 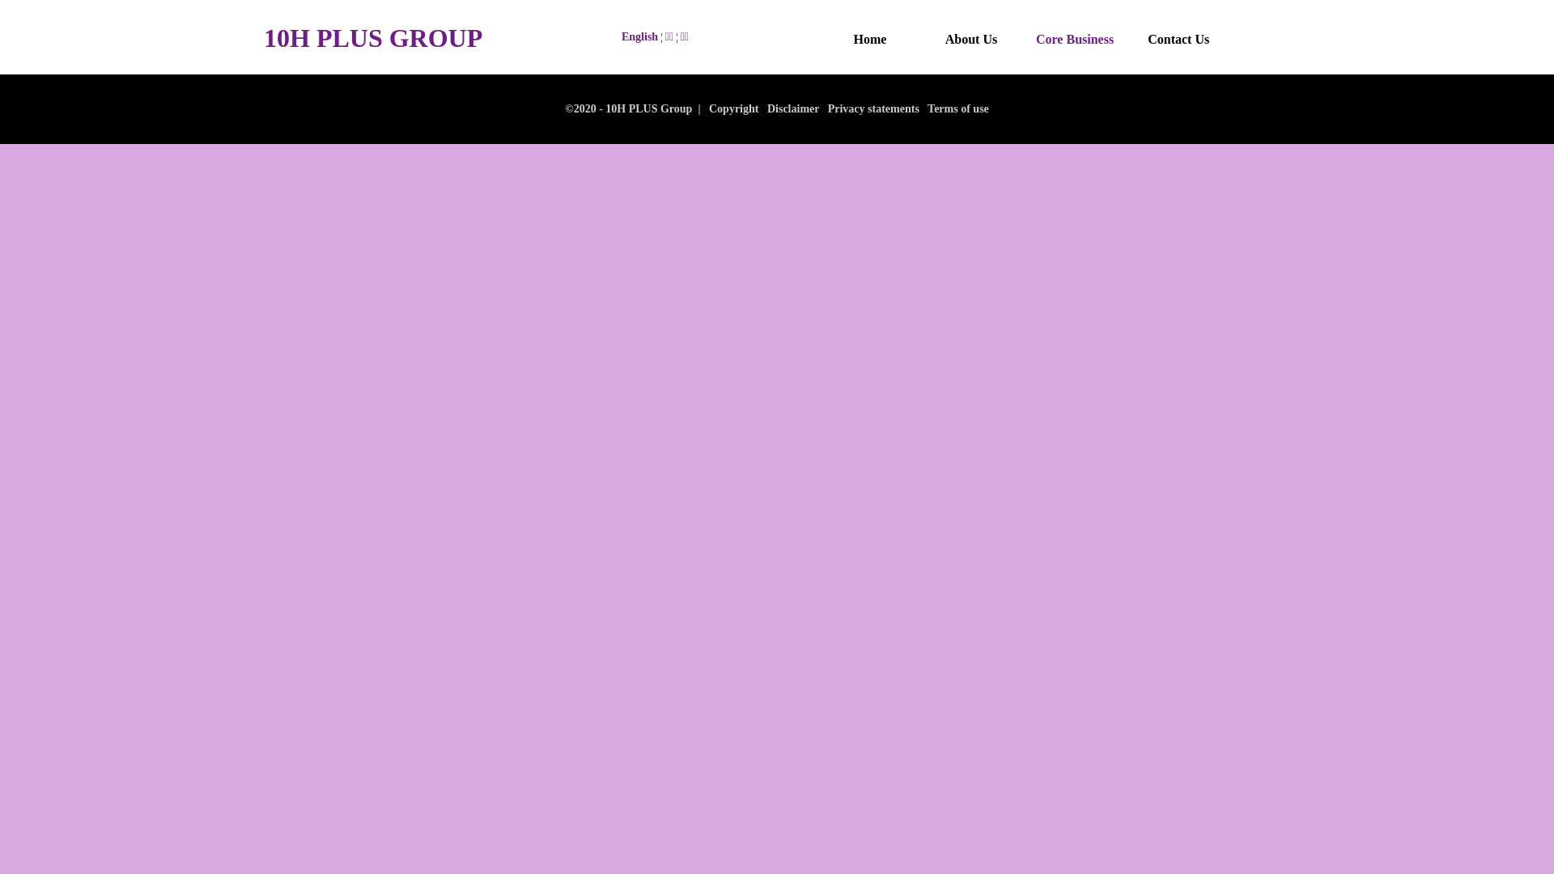 What do you see at coordinates (1178, 39) in the screenshot?
I see `'Contact Us'` at bounding box center [1178, 39].